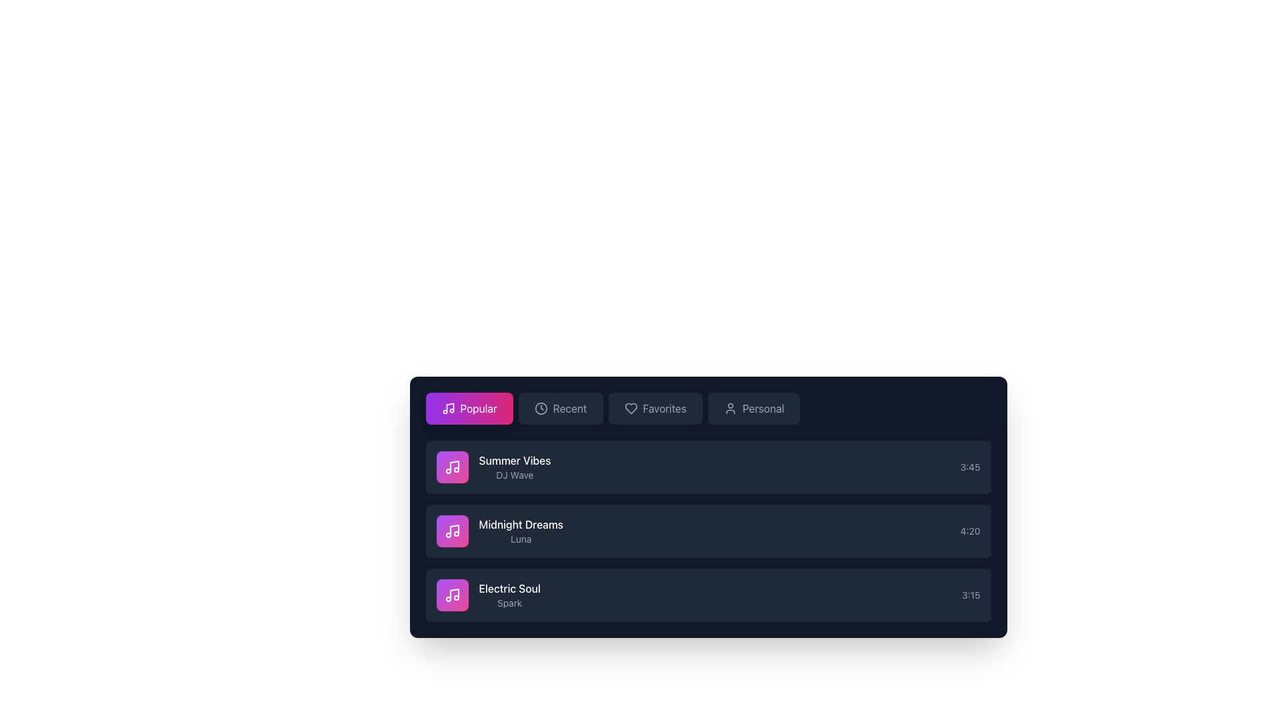 Image resolution: width=1280 pixels, height=720 pixels. Describe the element at coordinates (570, 408) in the screenshot. I see `the 'Recent' text label in the navigation bar, which is styled in gray and located next to a clock icon, to trigger a visual effect` at that location.